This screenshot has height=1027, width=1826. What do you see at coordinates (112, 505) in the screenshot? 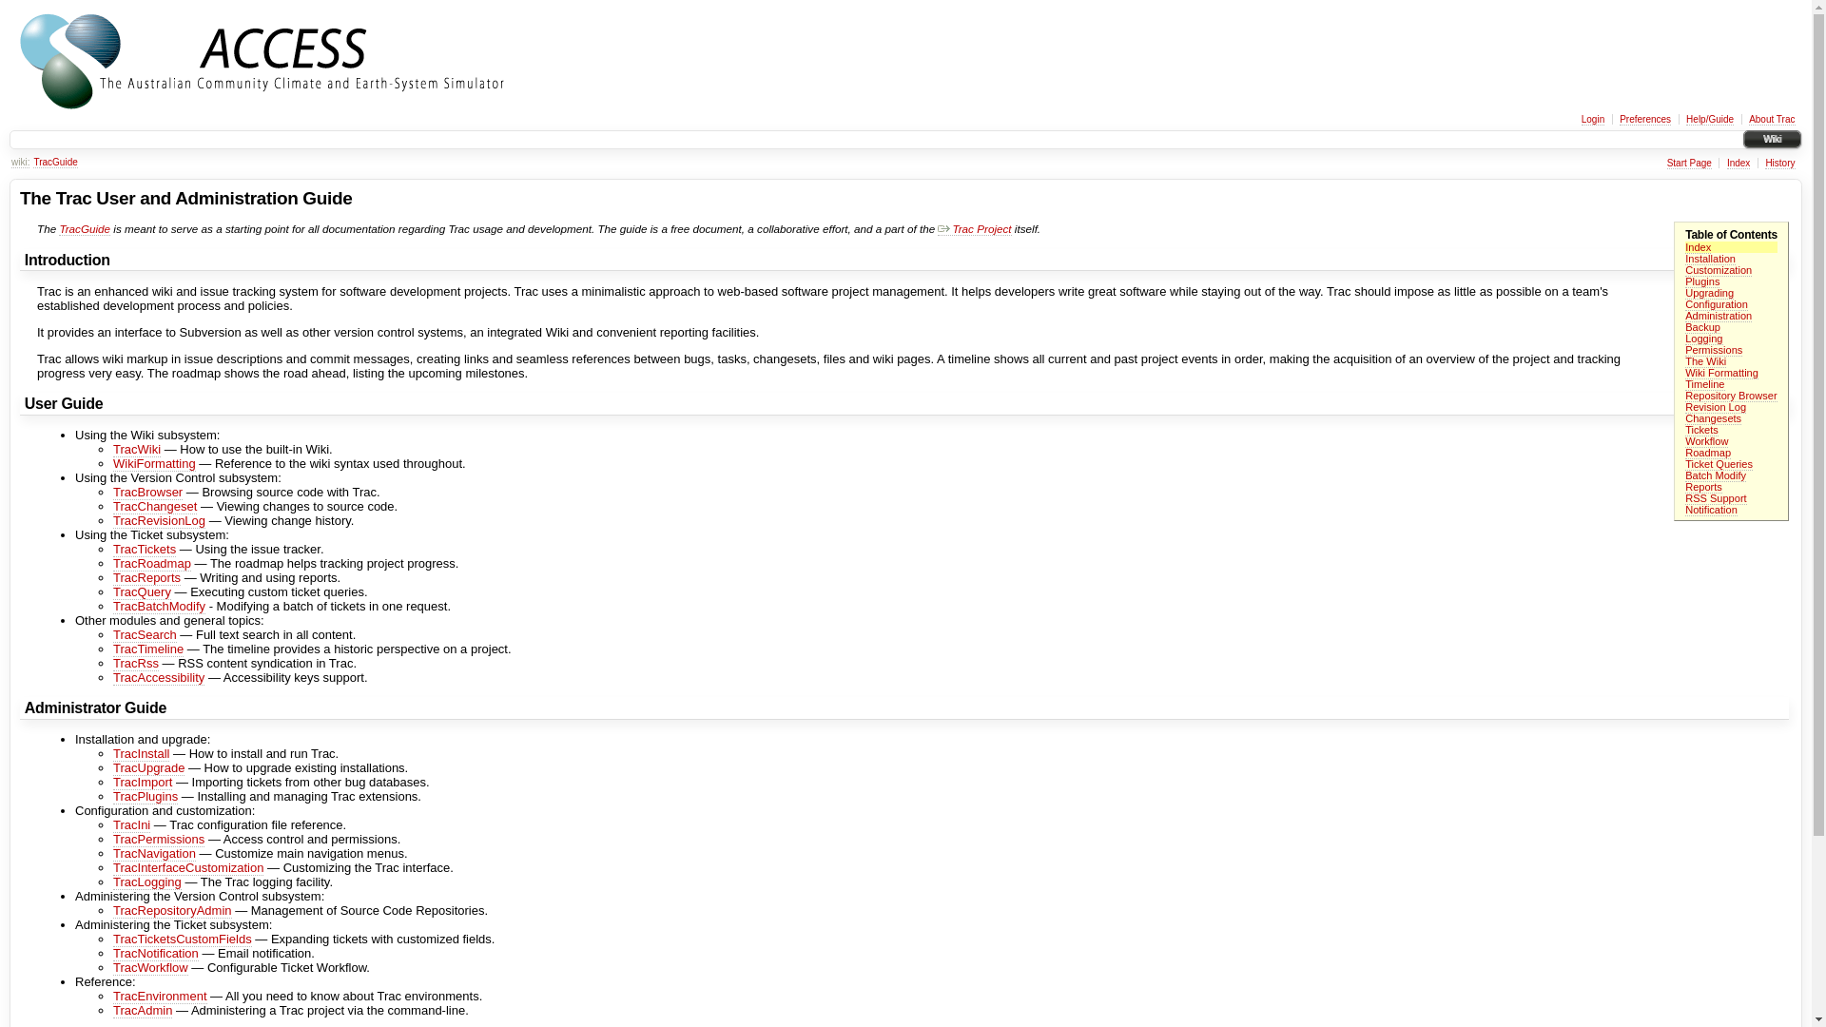
I see `'TracChangeset'` at bounding box center [112, 505].